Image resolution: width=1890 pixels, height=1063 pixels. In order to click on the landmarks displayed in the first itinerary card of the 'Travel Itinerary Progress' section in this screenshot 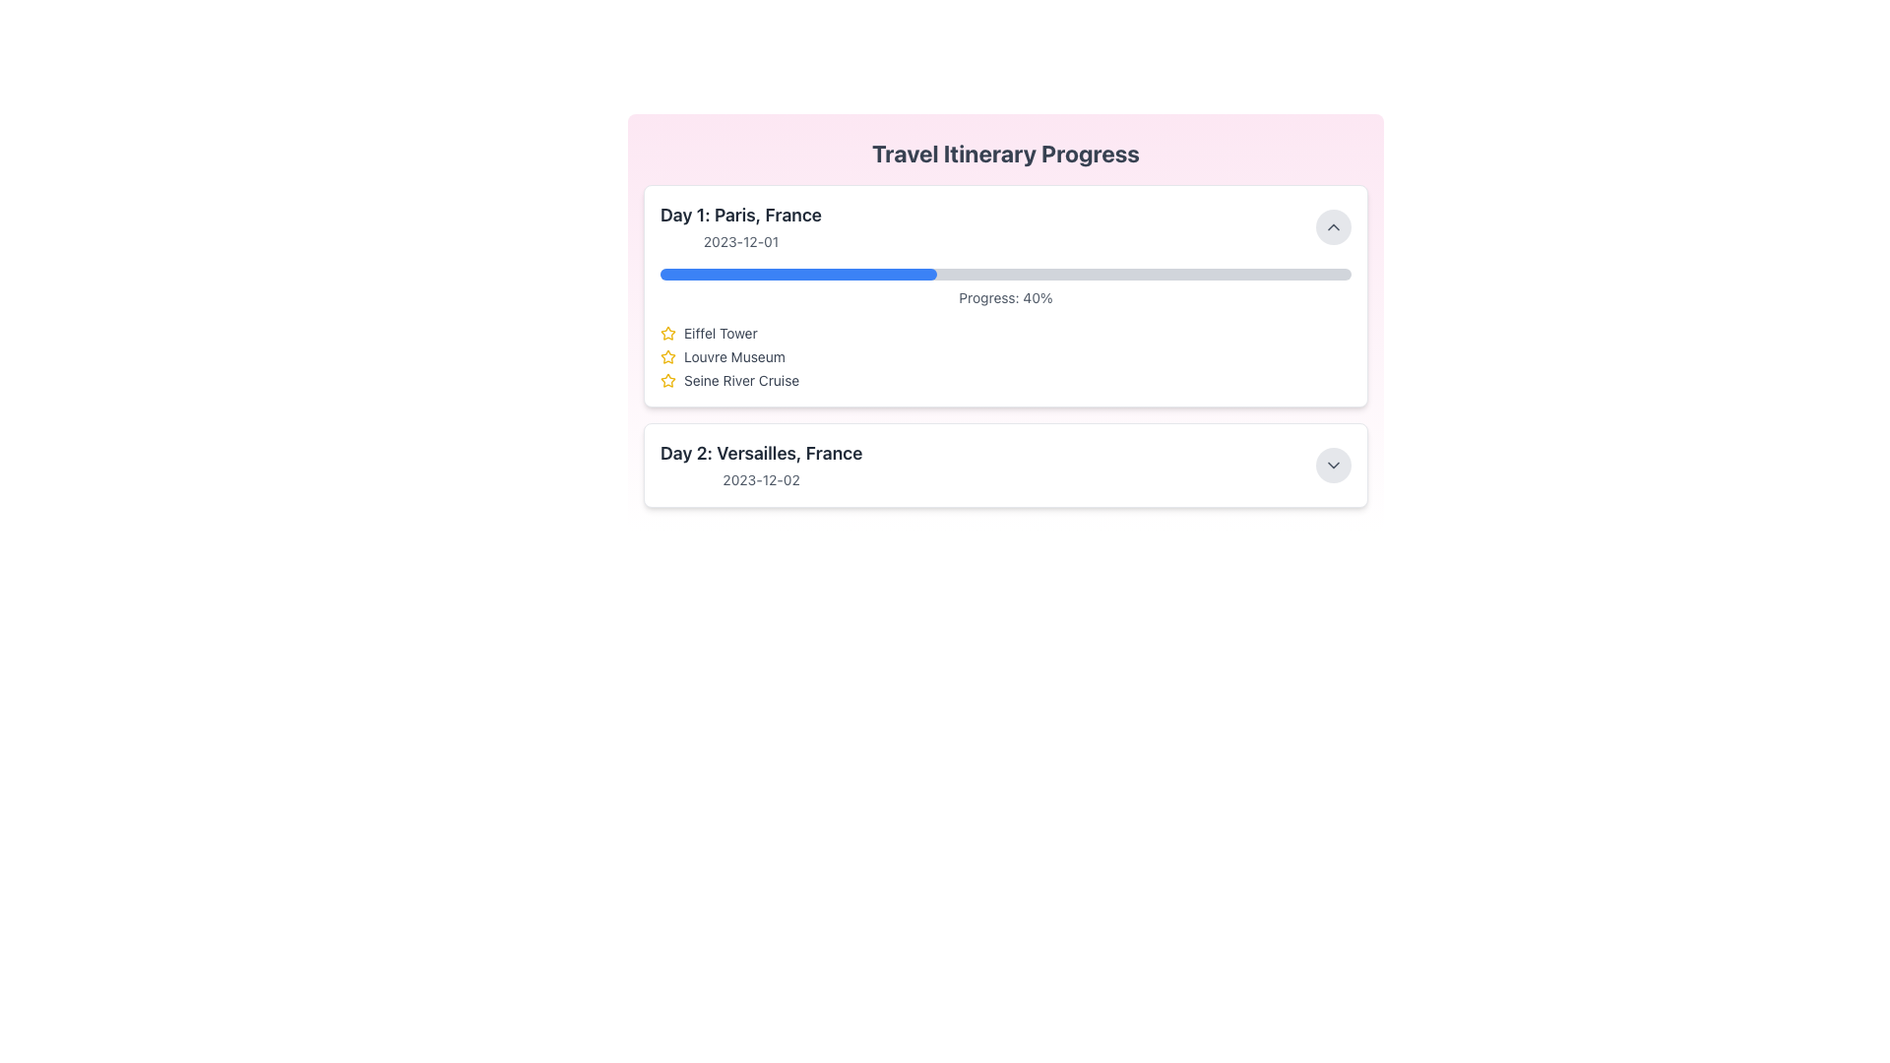, I will do `click(1006, 295)`.